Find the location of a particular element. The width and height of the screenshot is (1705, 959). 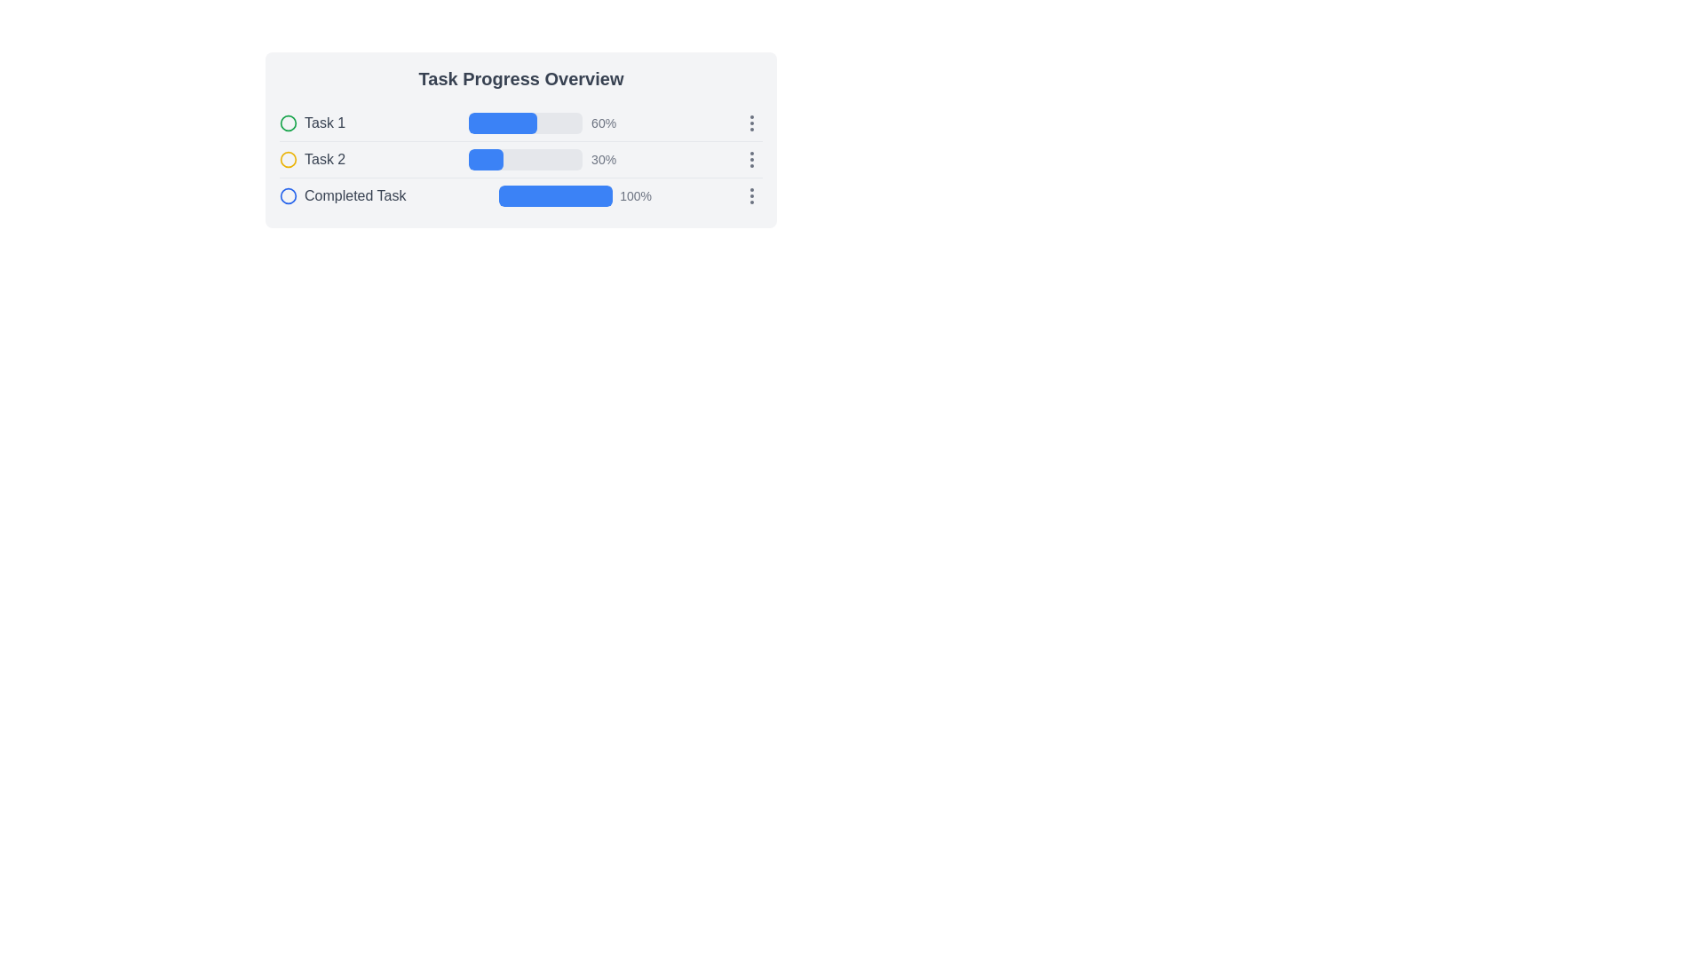

the Indicator Icon that represents Task 1, located immediately to the left of the label 'Task 1' in the task list at the top of the UI is located at coordinates (289, 122).